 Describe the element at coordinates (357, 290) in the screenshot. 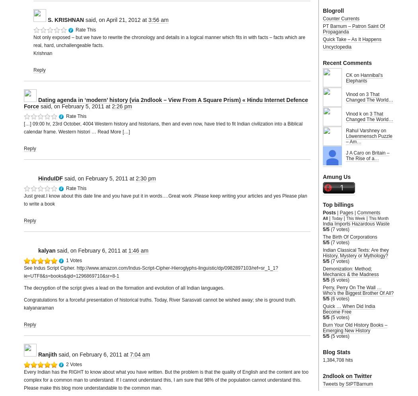

I see `'Perry, Perry On The Wall … Who’s the Biggest Brother Of All?'` at that location.